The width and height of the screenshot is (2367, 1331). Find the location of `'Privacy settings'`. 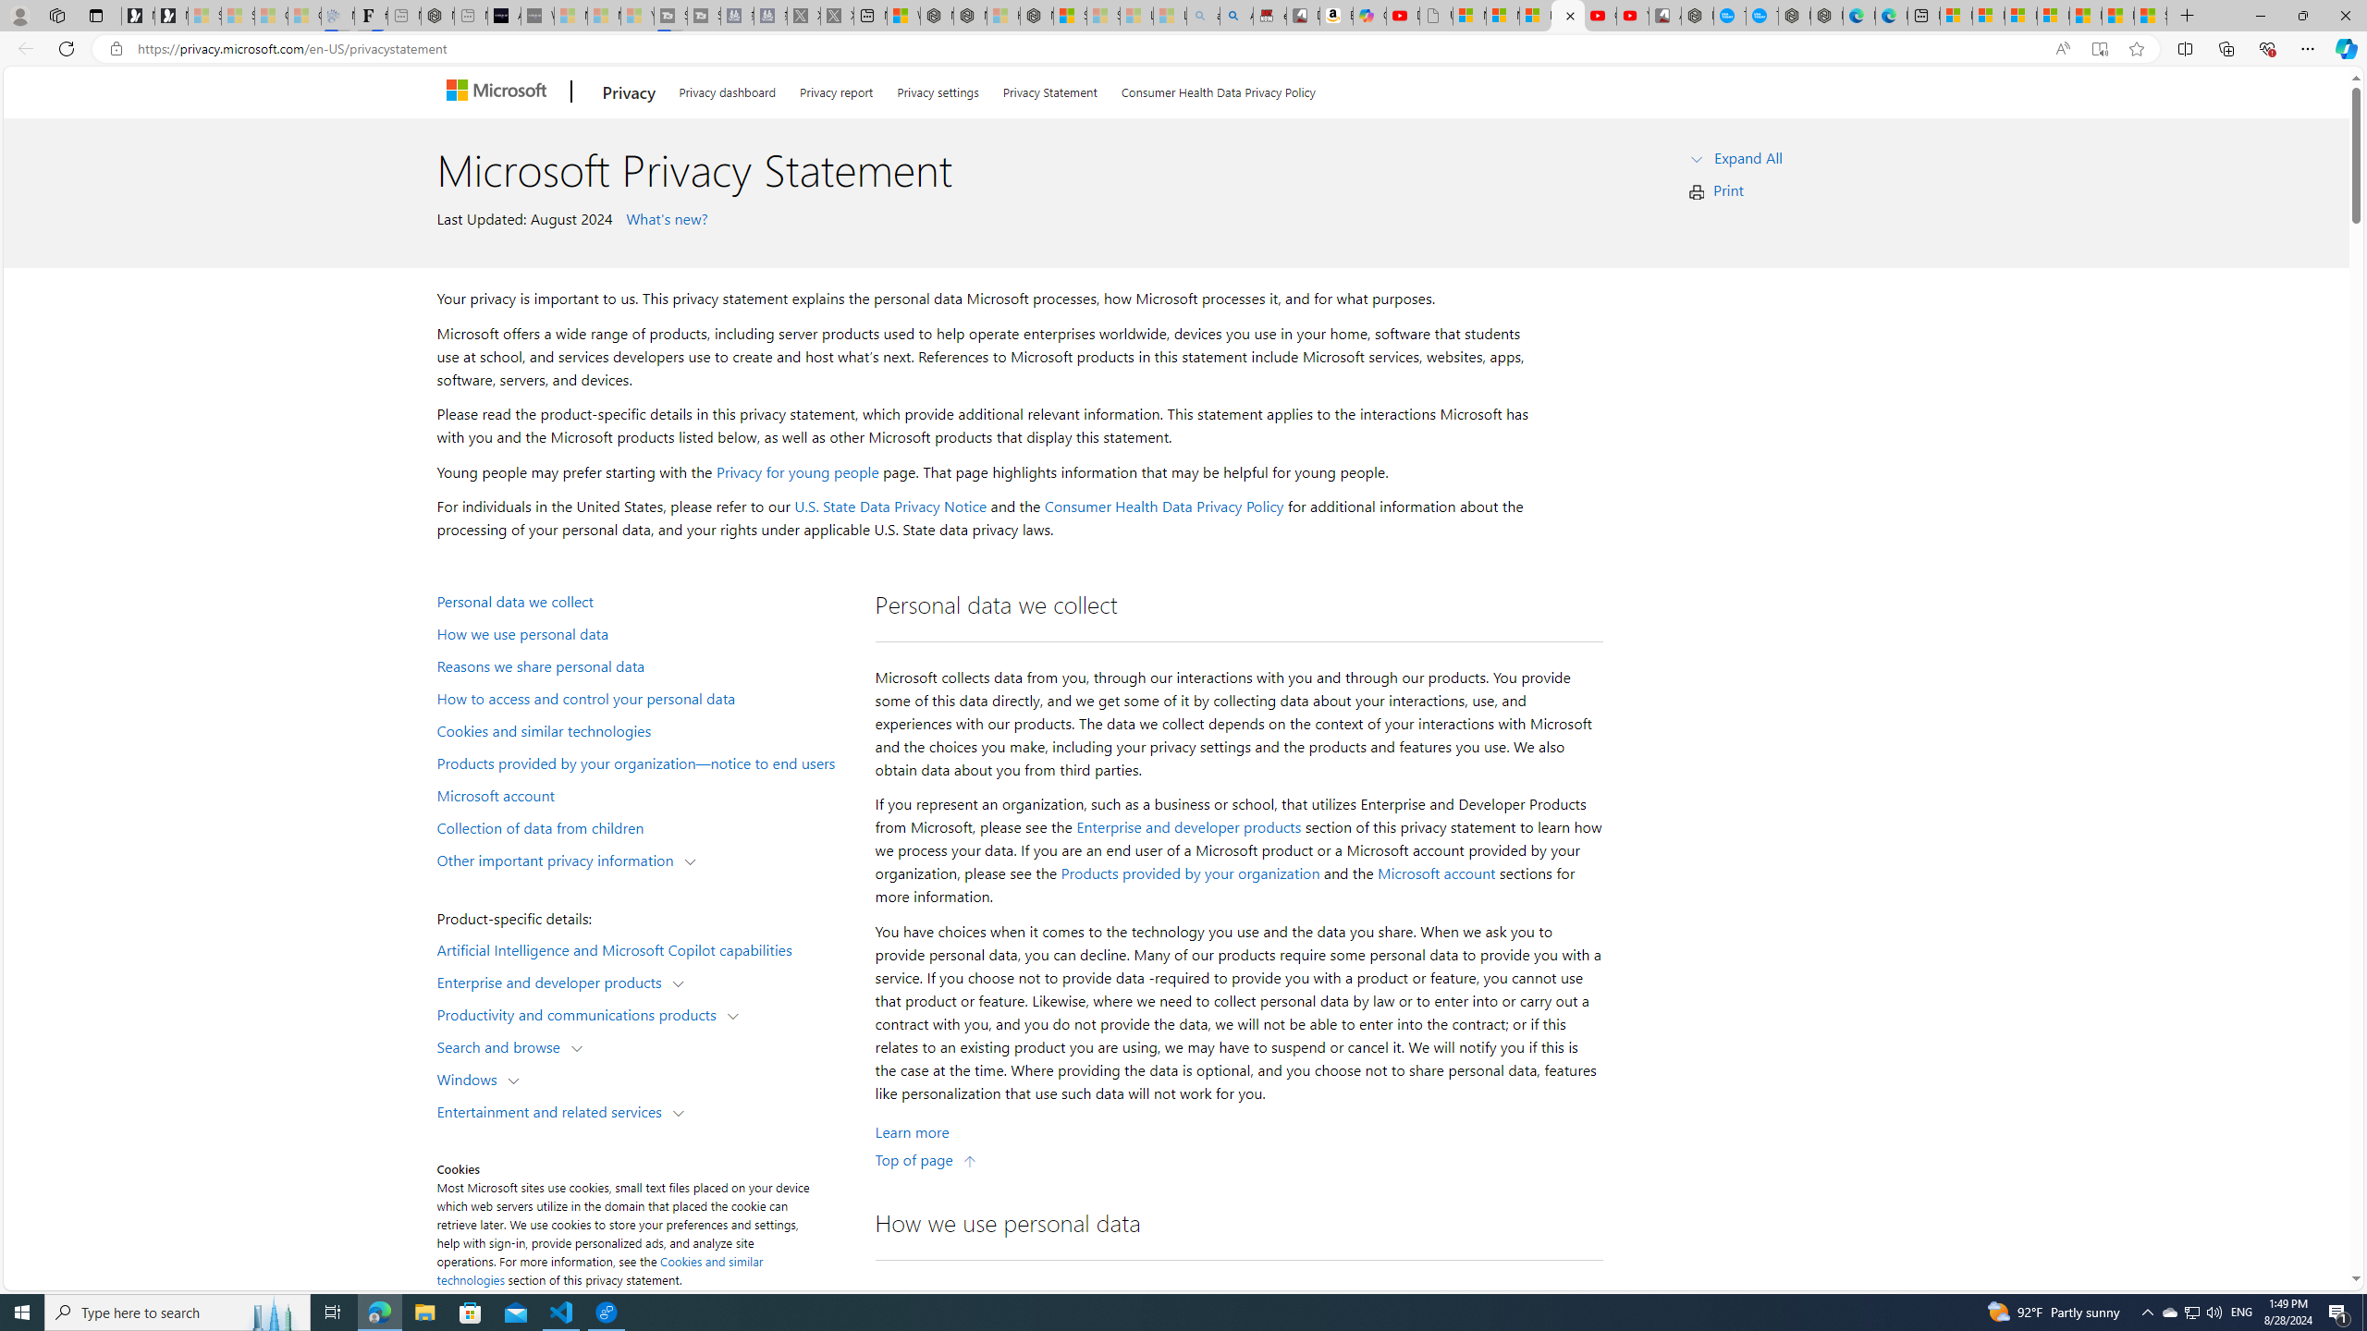

'Privacy settings' is located at coordinates (938, 88).